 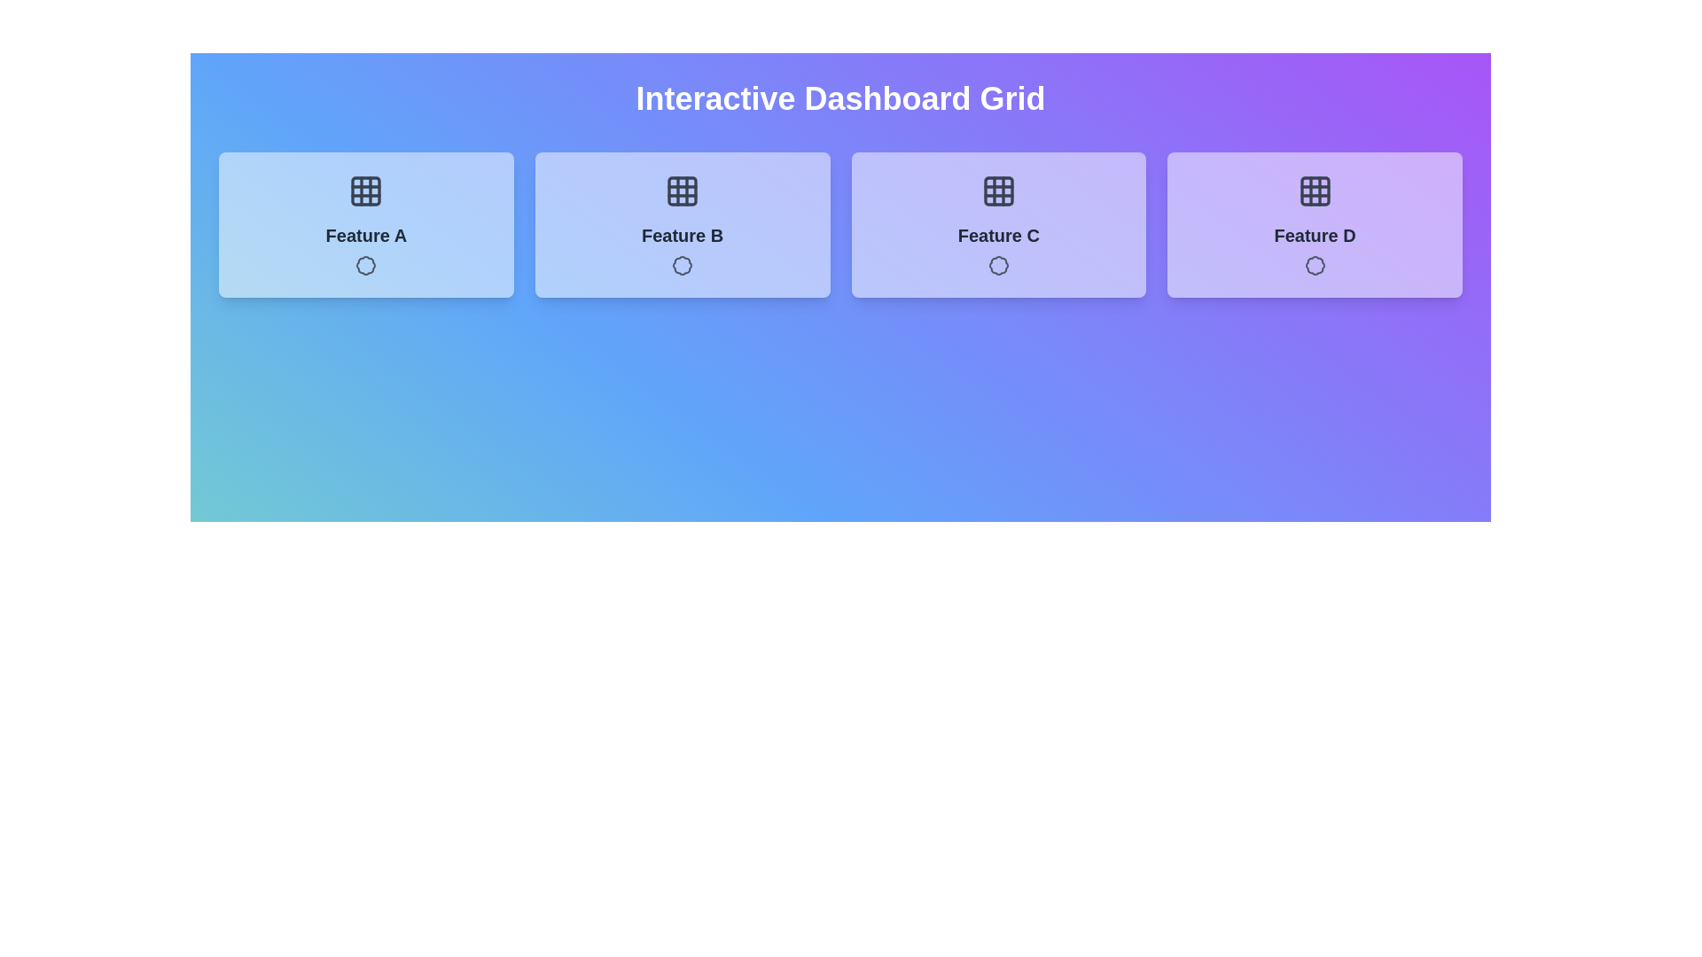 What do you see at coordinates (365, 224) in the screenshot?
I see `the first card in the grid layout, which has a soft blue background, an icon of a grid at the top, and the text 'Feature A' in bold centered beneath it` at bounding box center [365, 224].